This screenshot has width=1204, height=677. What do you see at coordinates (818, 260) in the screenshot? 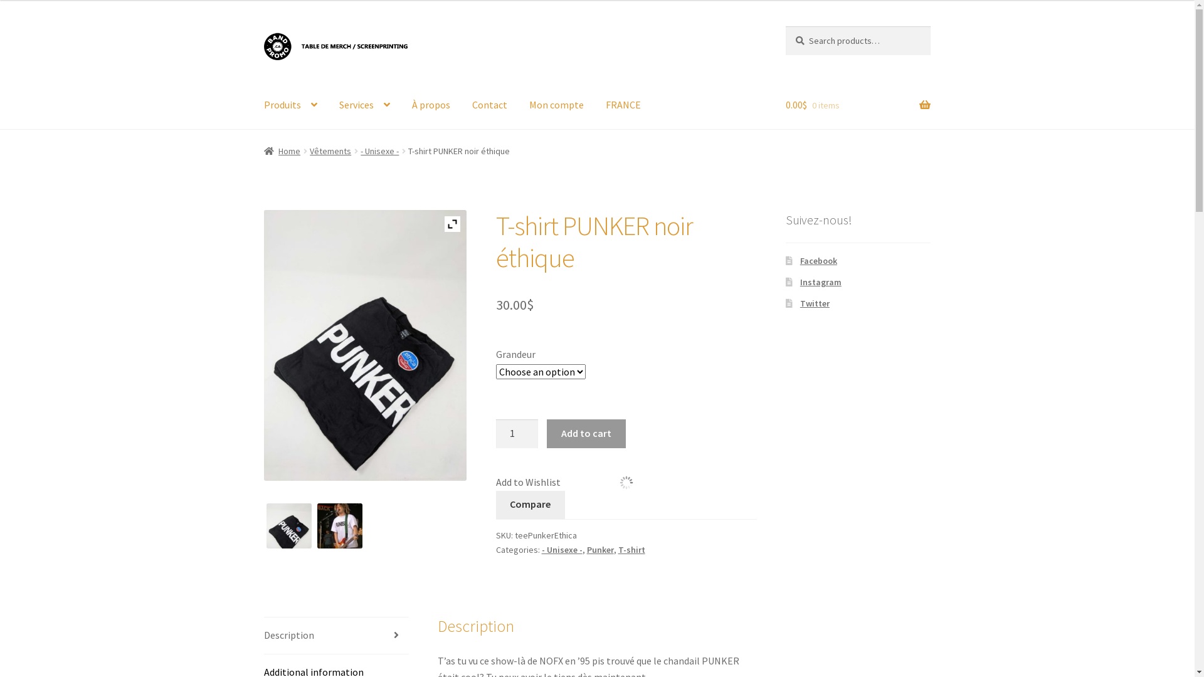
I see `'Facebook'` at bounding box center [818, 260].